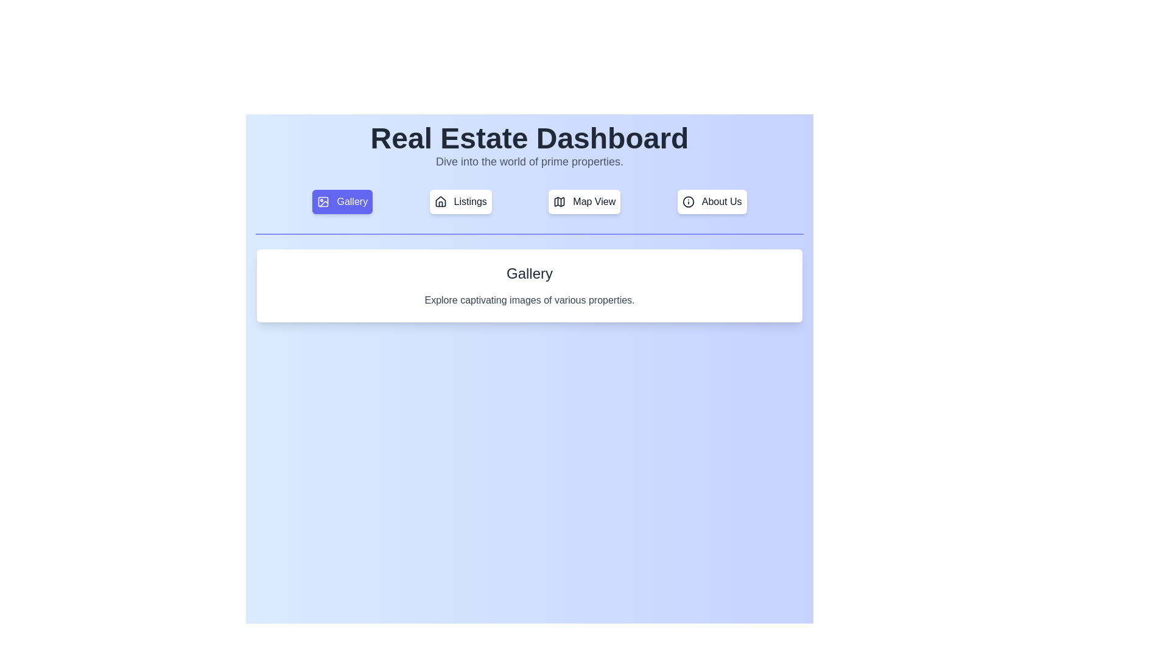 This screenshot has width=1169, height=657. I want to click on the tab labeled About Us to observe its hover effect, so click(712, 201).